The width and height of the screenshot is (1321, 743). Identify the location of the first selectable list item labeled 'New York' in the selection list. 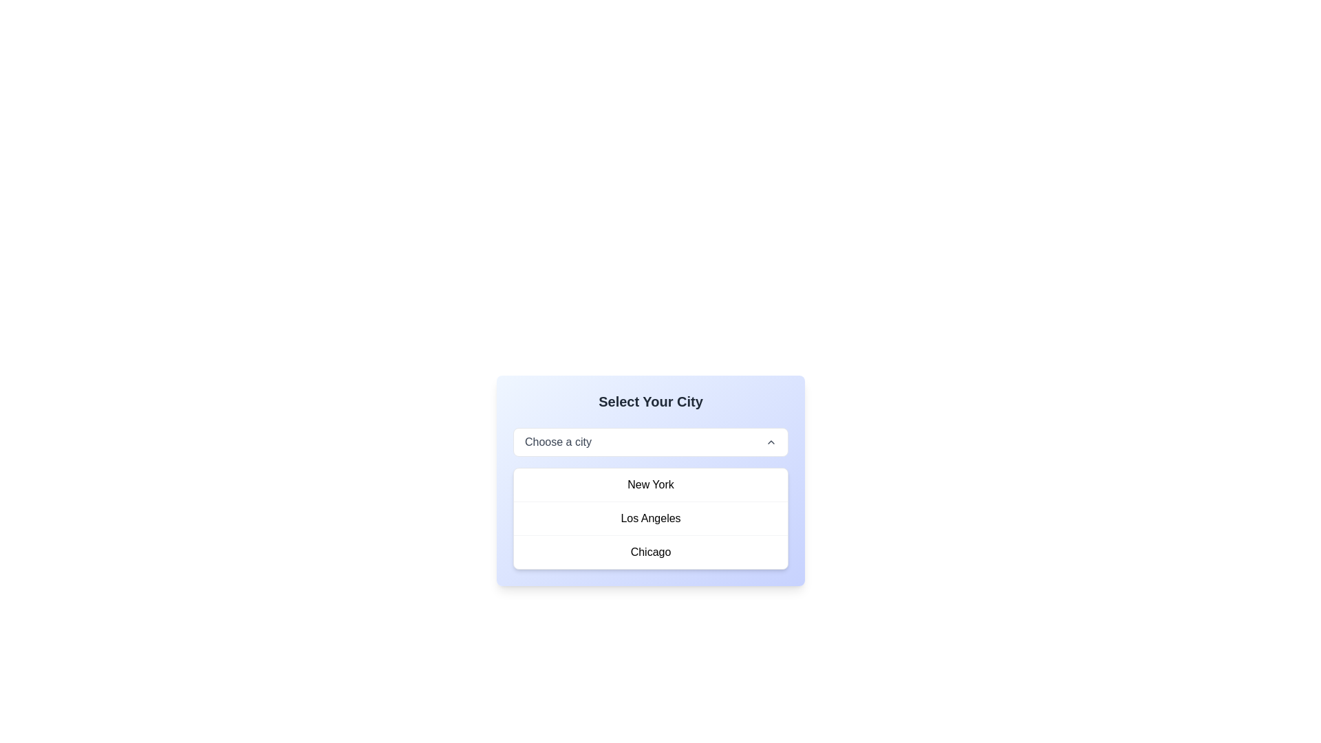
(649, 484).